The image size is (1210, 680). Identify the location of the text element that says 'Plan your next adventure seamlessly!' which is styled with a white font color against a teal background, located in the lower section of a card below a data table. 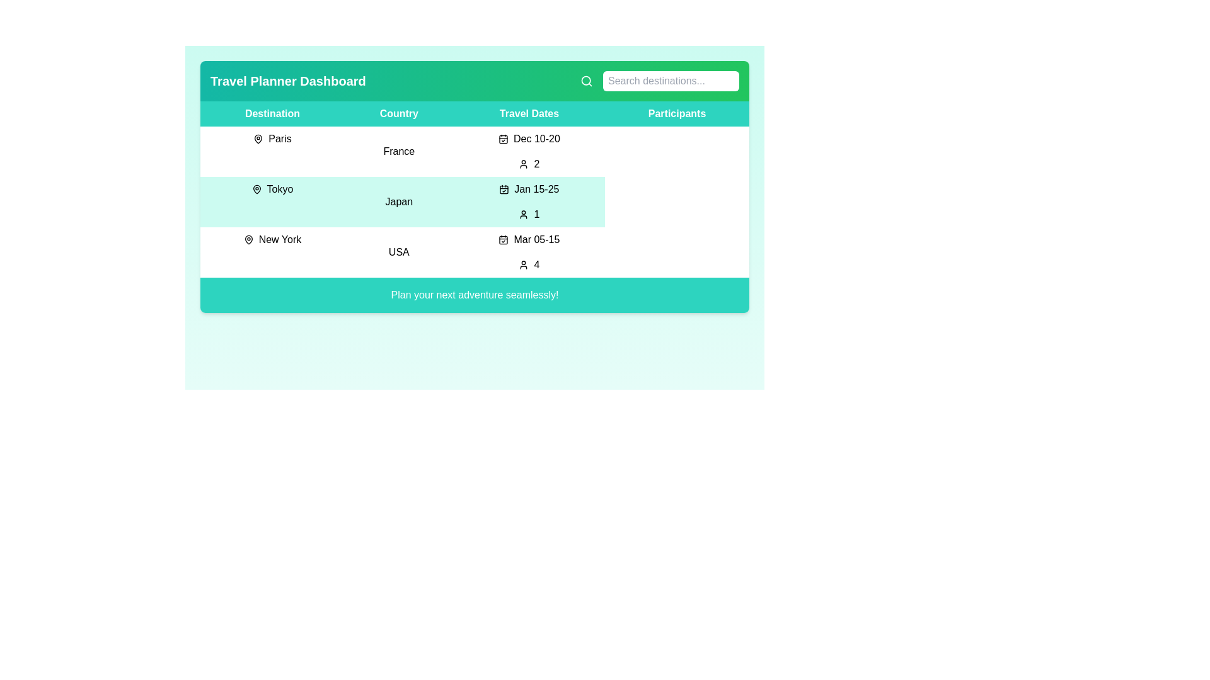
(474, 295).